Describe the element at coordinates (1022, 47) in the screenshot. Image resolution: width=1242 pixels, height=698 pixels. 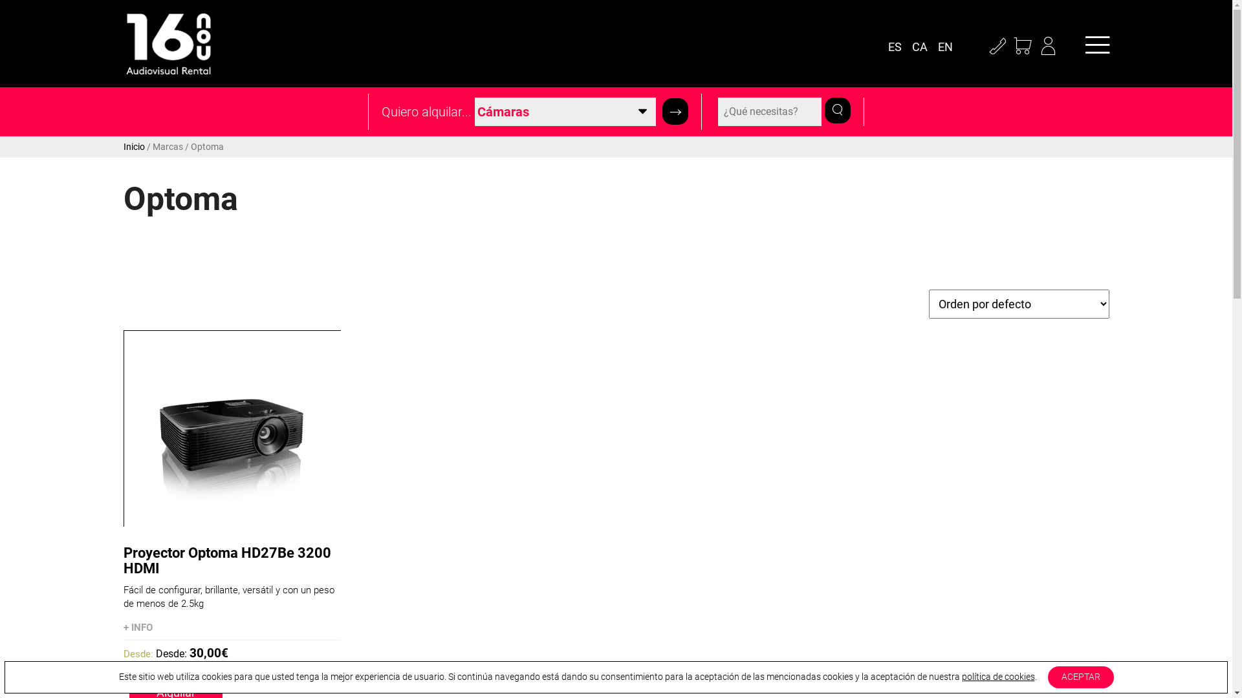
I see `'Ir al carrito'` at that location.